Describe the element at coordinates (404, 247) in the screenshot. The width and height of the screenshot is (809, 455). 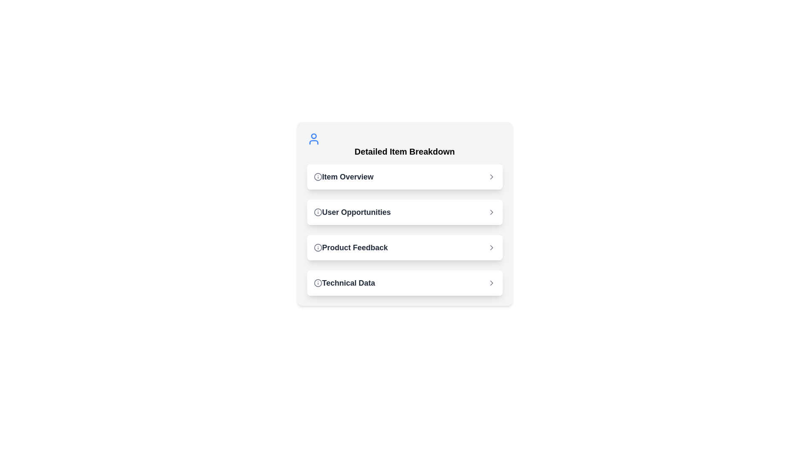
I see `the third button in the 'Detailed Item Breakdown' menu` at that location.